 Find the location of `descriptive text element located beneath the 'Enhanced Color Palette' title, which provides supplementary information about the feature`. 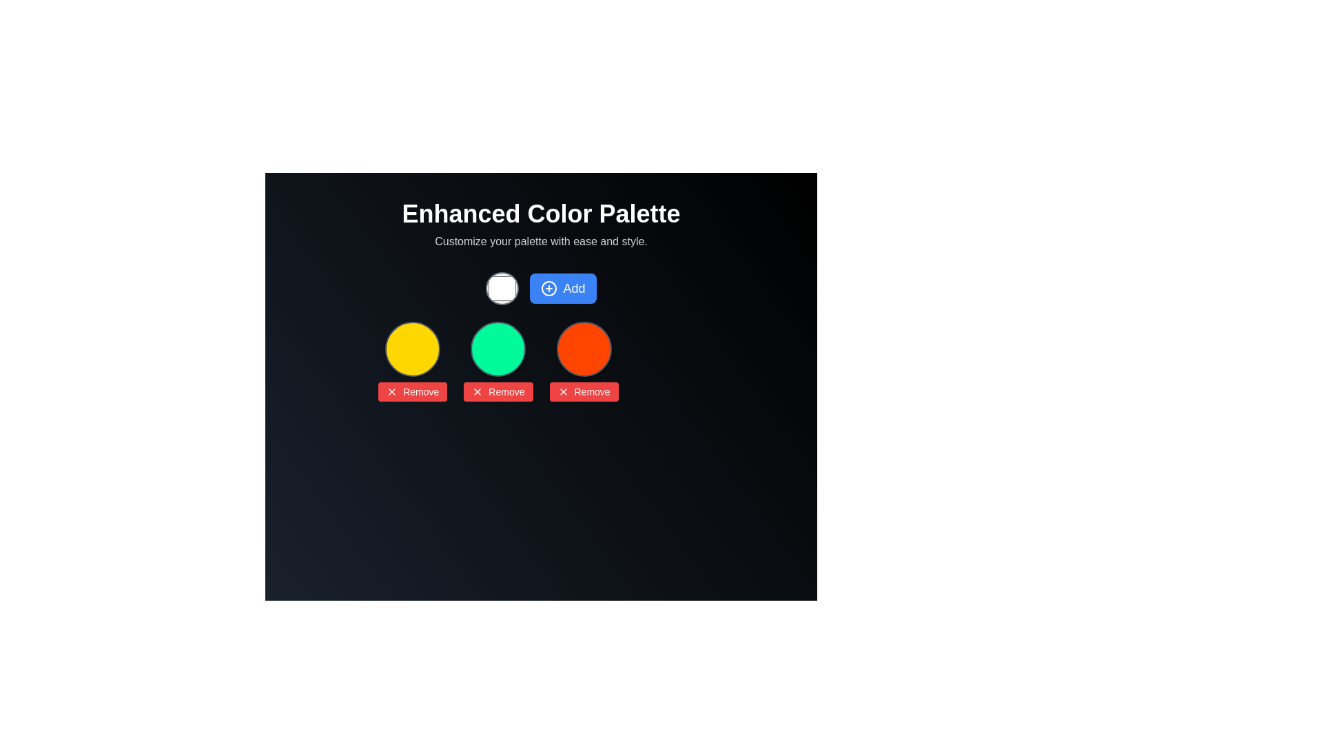

descriptive text element located beneath the 'Enhanced Color Palette' title, which provides supplementary information about the feature is located at coordinates (540, 241).